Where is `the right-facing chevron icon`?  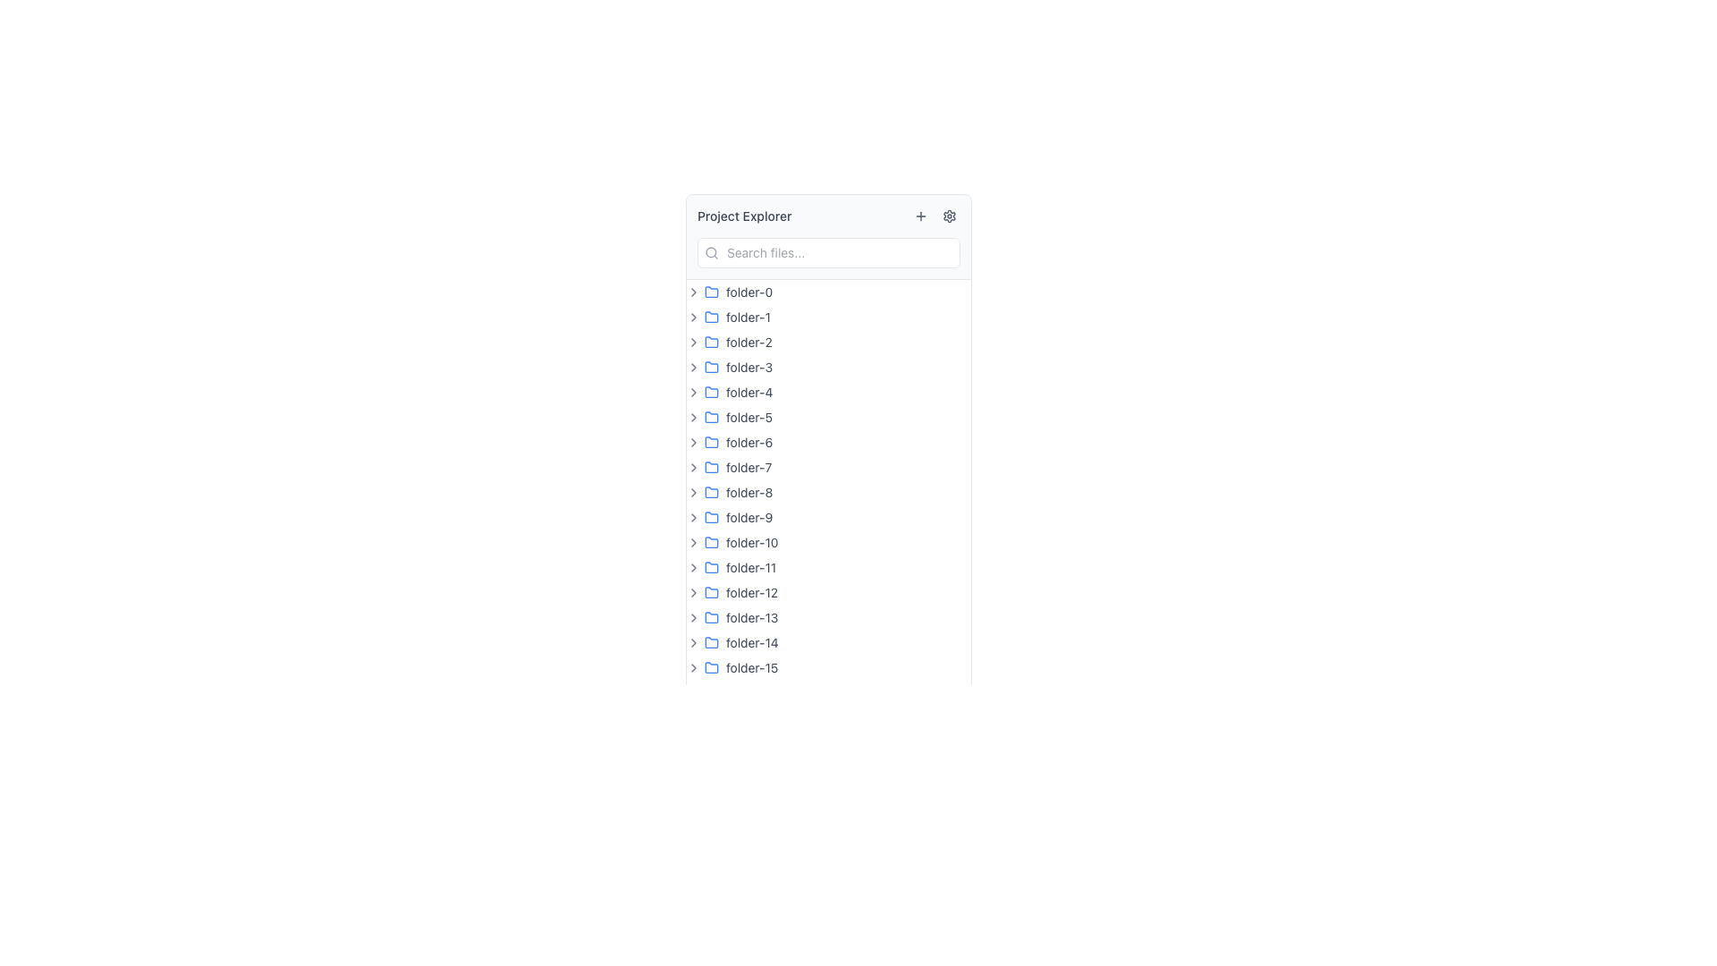
the right-facing chevron icon is located at coordinates (693, 367).